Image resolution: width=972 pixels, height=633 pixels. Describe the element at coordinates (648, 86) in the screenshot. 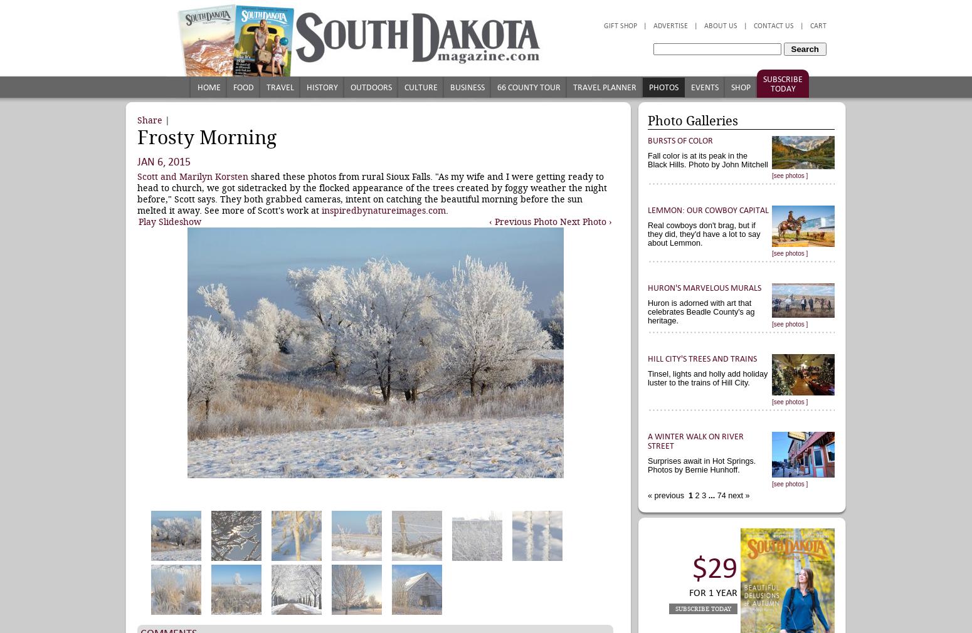

I see `'Photos'` at that location.